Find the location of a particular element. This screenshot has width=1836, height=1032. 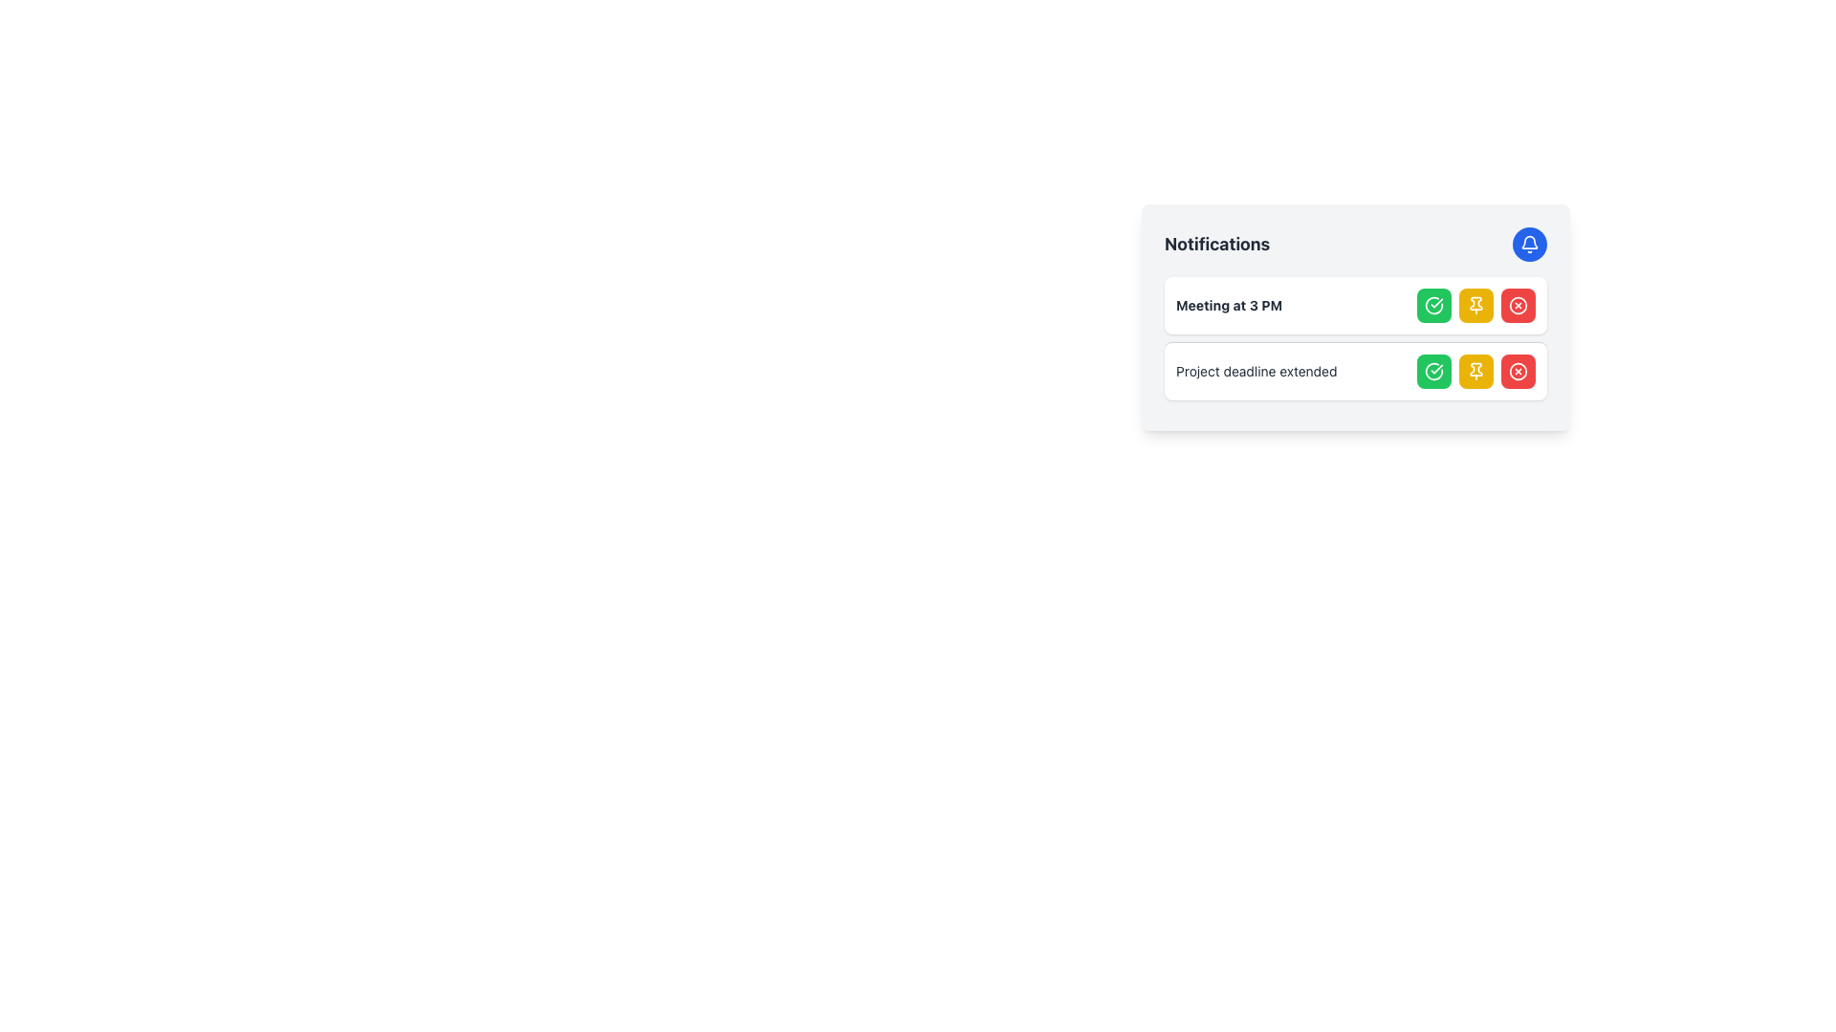

the Notification element displaying 'Meeting at 3 PM', which is the first item in the vertical list of notifications is located at coordinates (1354, 305).